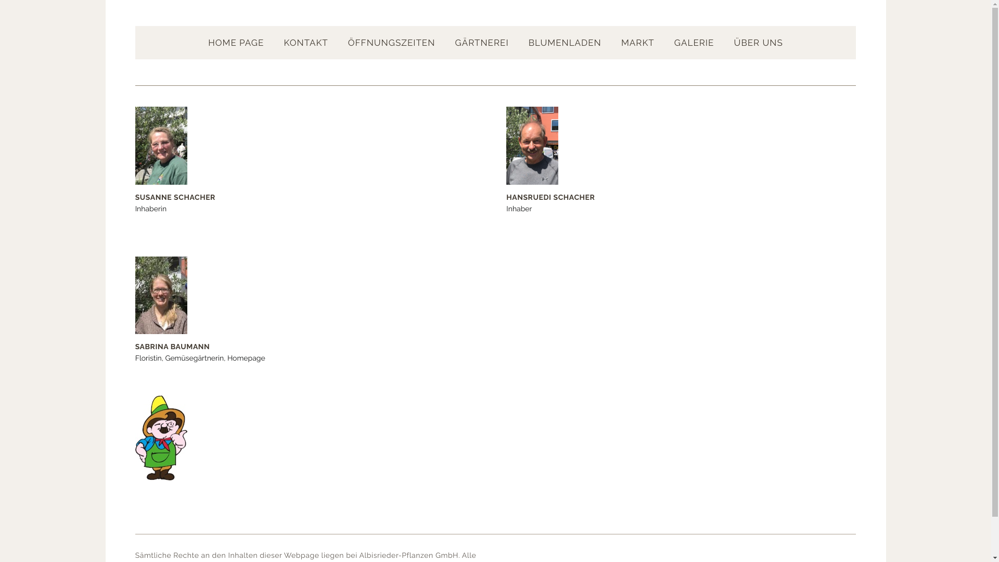  I want to click on 'GALERIE', so click(694, 42).